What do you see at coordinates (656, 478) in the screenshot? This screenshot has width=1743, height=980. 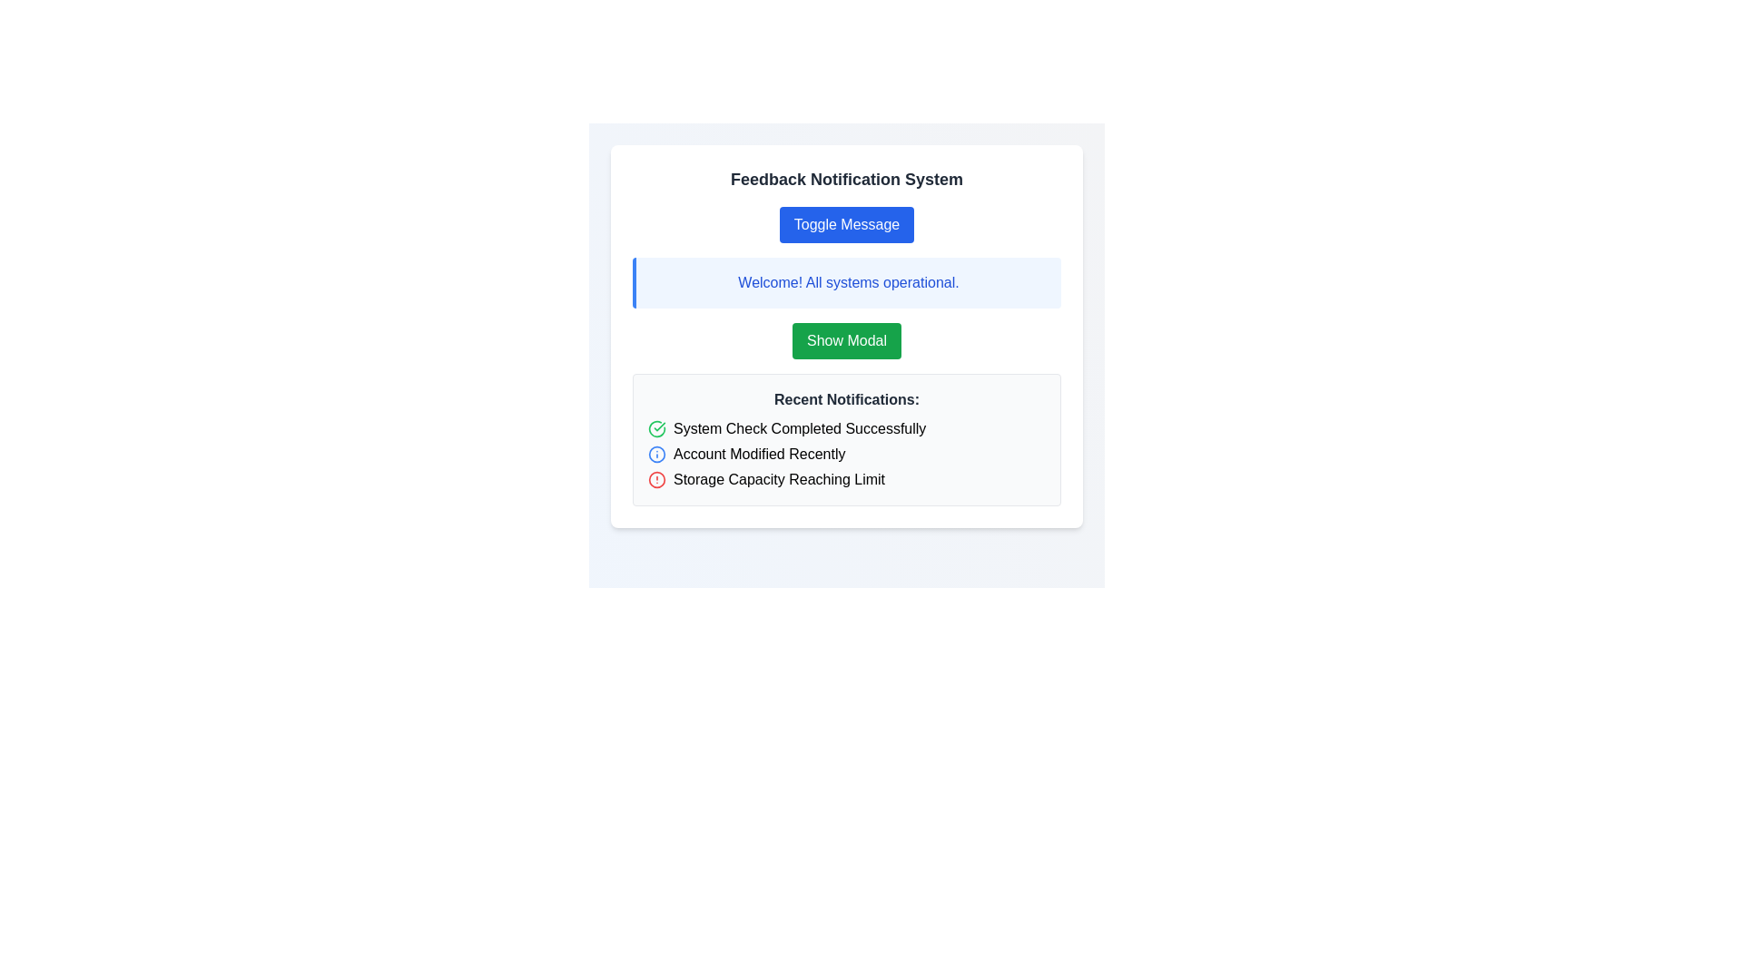 I see `the presence of the red circular alert icon located in the 'Recent Notifications' section, which is positioned to the left of the text 'Storage Capacity Reaching Limit'` at bounding box center [656, 478].